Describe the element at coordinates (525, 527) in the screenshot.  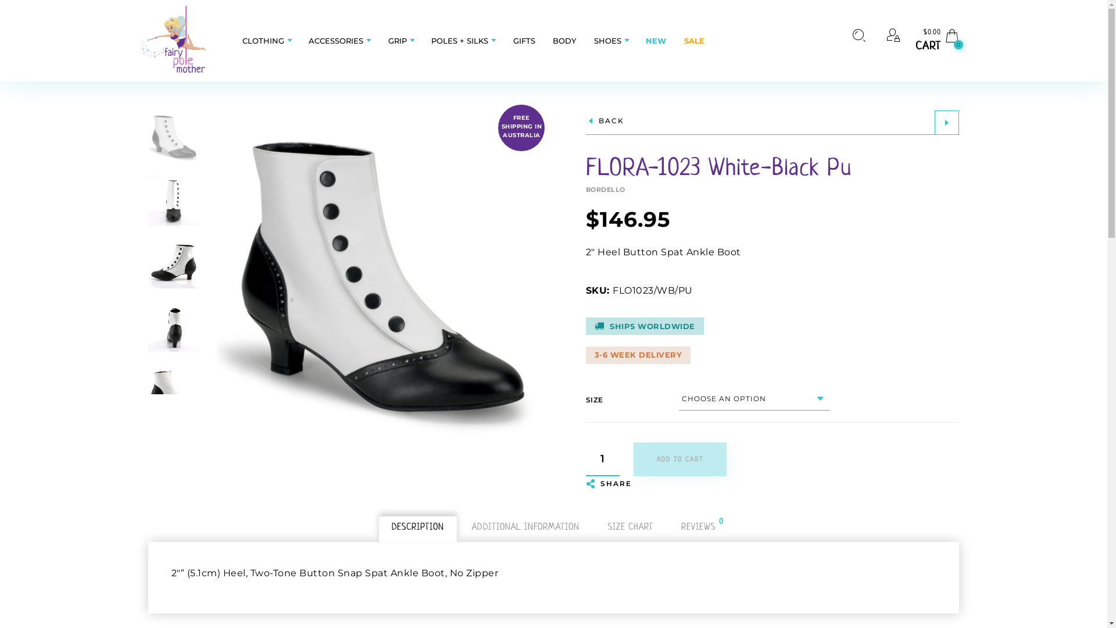
I see `'ADDITIONAL INFORMATION'` at that location.